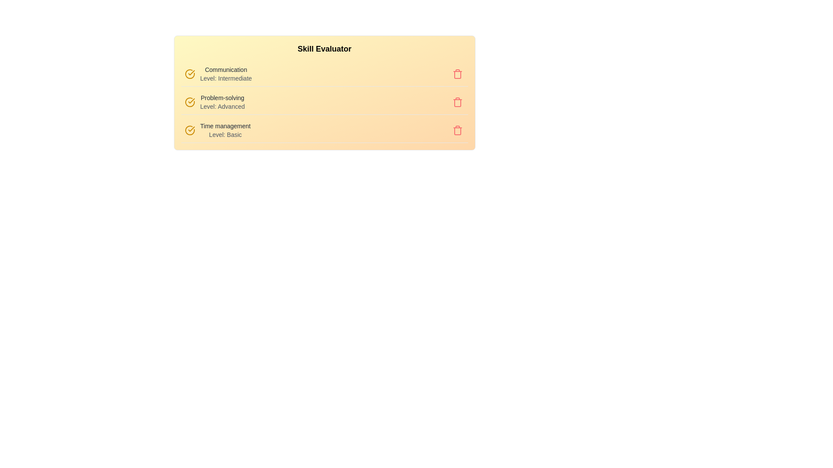 The width and height of the screenshot is (833, 468). Describe the element at coordinates (324, 49) in the screenshot. I see `the heading 'Skill Evaluator' to select it` at that location.